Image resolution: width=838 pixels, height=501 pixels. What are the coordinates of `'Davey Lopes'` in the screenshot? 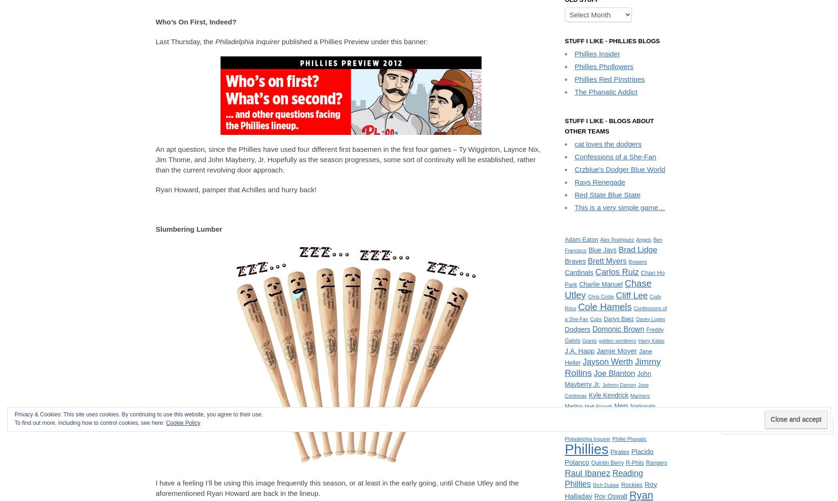 It's located at (650, 318).